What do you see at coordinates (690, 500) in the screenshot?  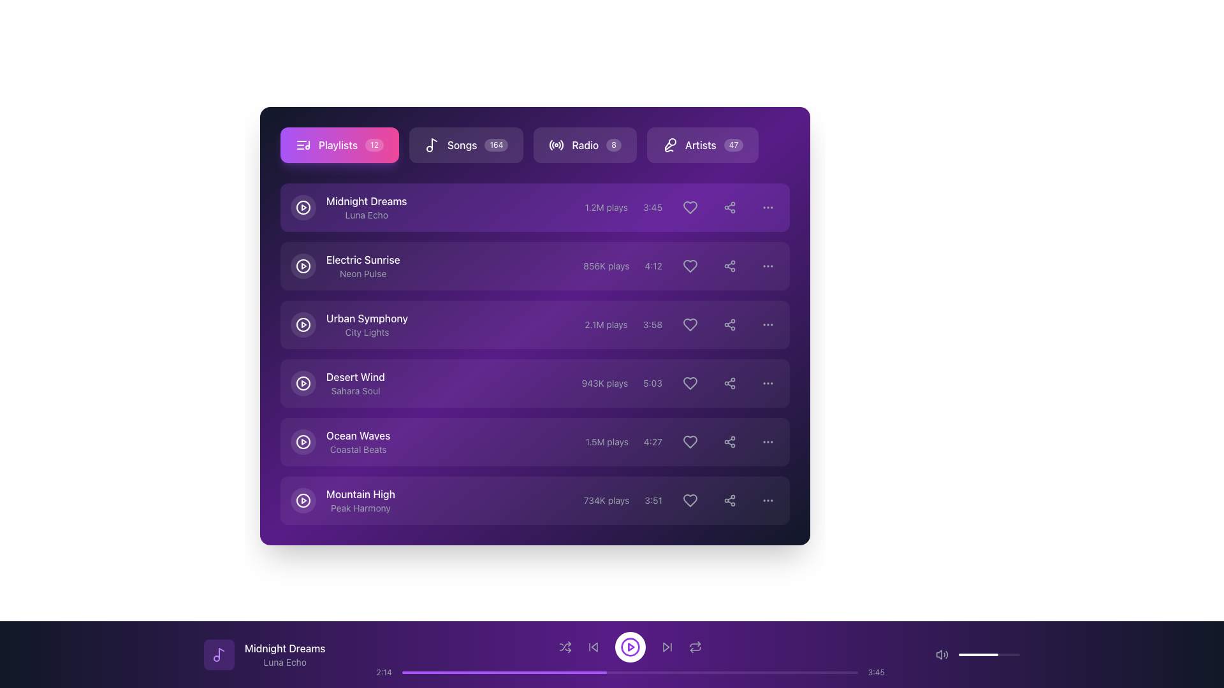 I see `the heart icon button to favorite the song 'Mountain High' by 'Peak Harmony'` at bounding box center [690, 500].